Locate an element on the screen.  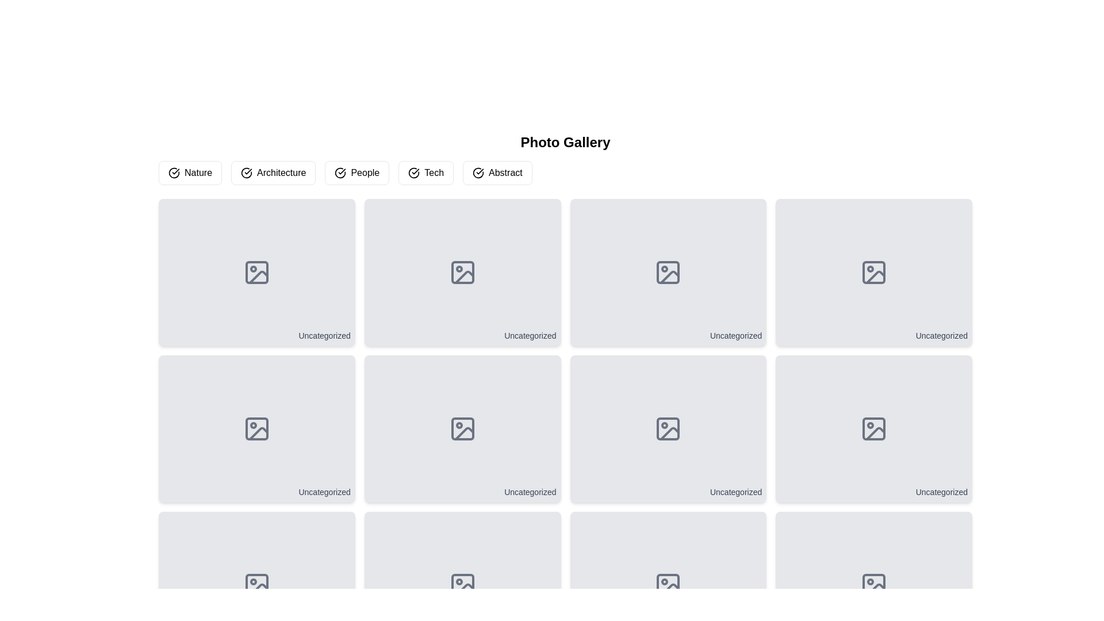
the icon that signifies the placeholder for an image in the second column of the first row of the grid, visually distinguished by the 'Uncategorized' label at the bottom is located at coordinates (462, 273).